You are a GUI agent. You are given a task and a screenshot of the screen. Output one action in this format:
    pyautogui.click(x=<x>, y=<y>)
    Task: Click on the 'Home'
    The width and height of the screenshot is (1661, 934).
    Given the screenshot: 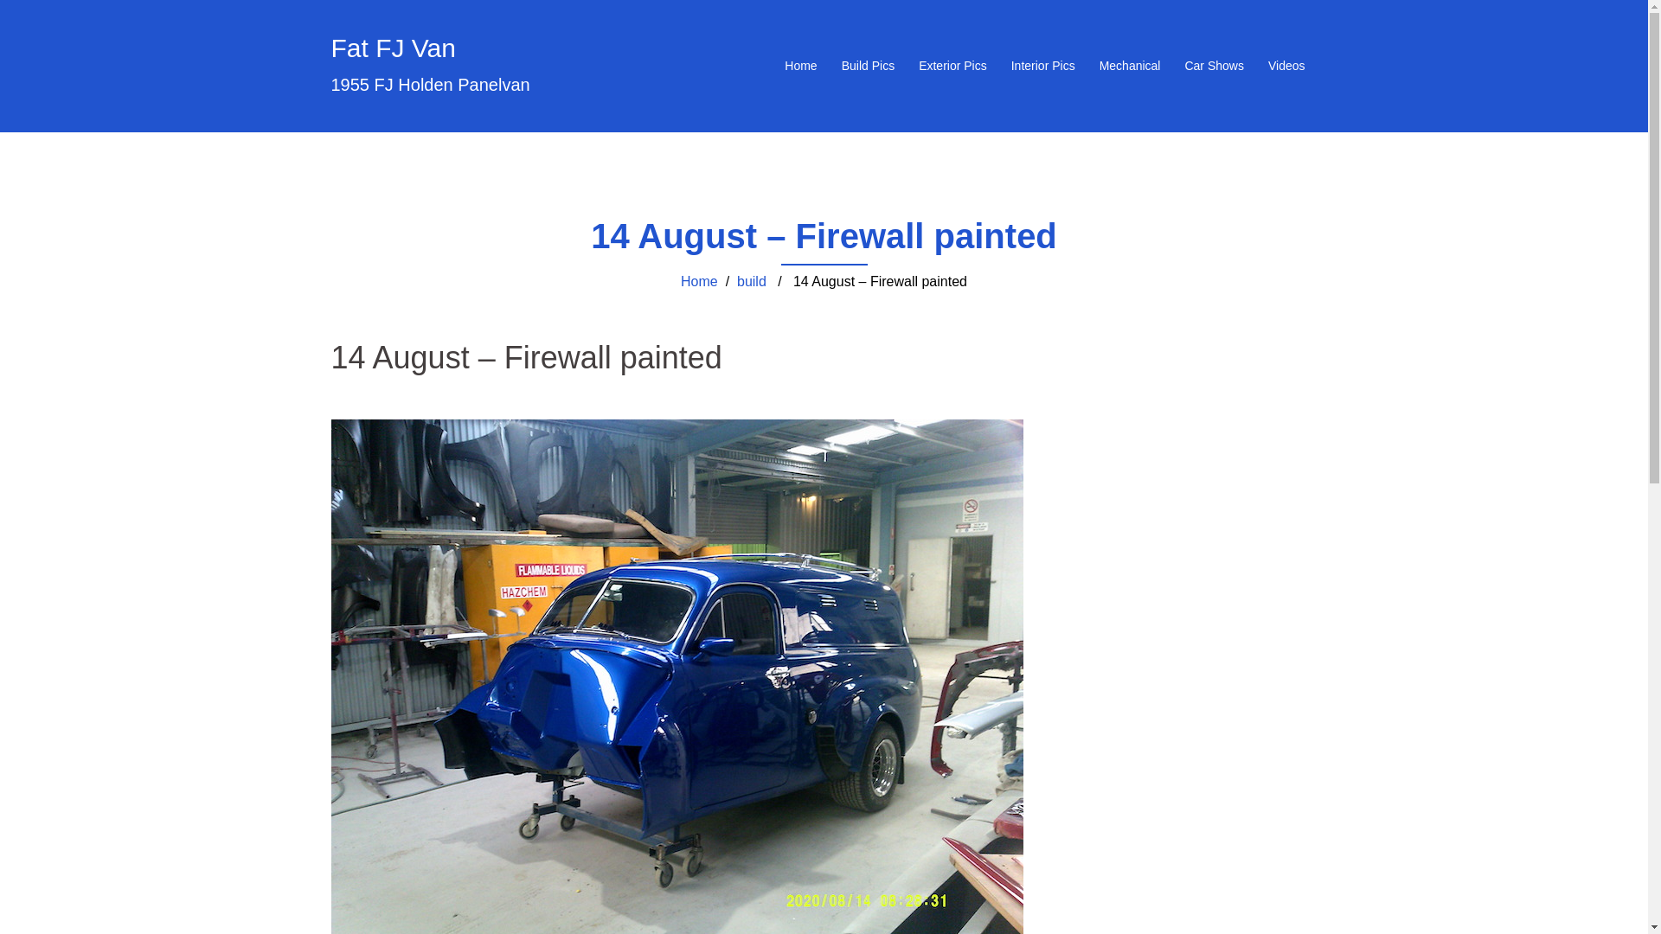 What is the action you would take?
    pyautogui.click(x=784, y=65)
    